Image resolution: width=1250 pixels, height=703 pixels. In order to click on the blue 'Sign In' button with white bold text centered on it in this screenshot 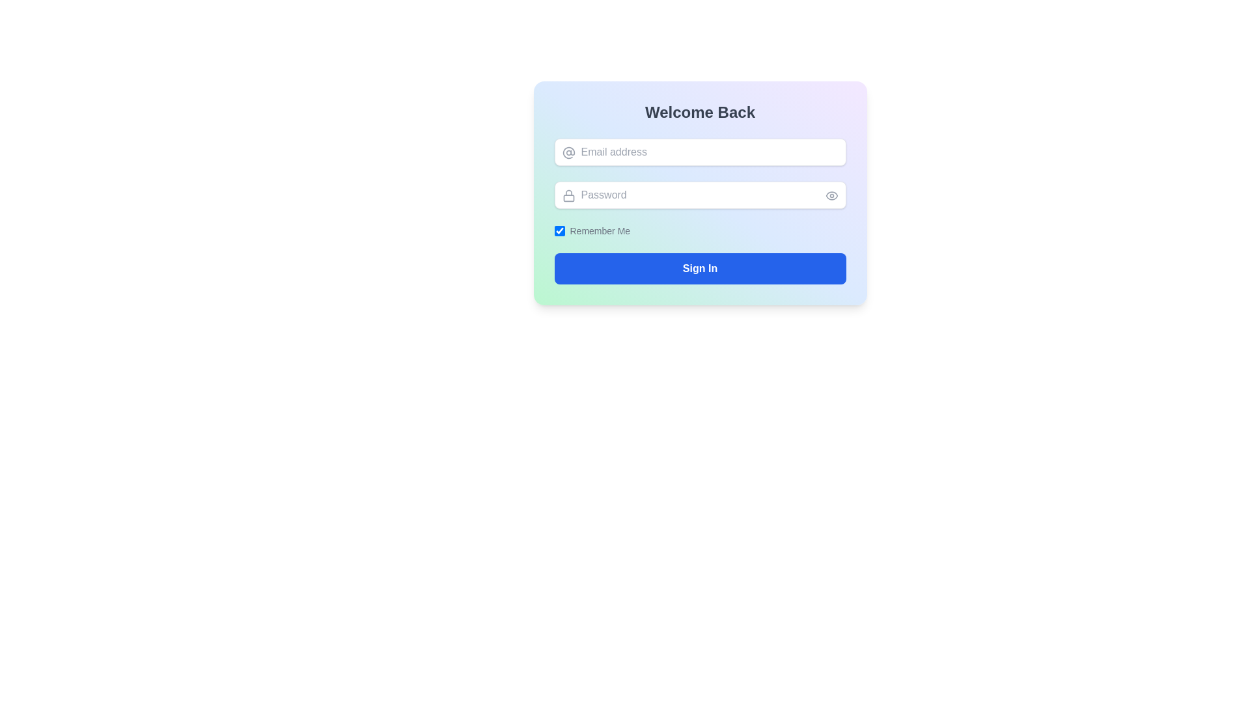, I will do `click(699, 268)`.